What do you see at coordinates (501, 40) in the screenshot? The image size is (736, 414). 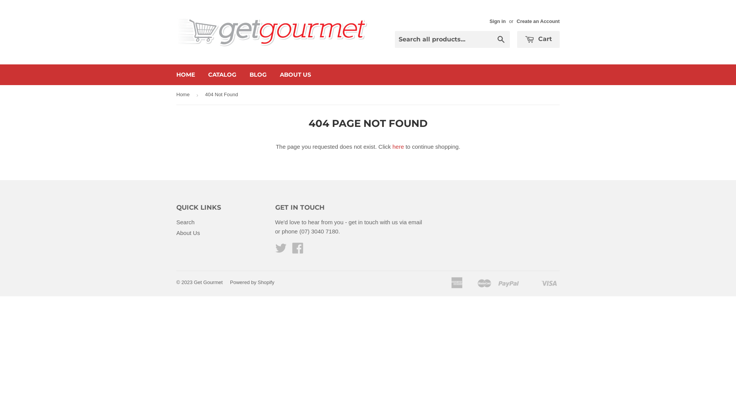 I see `'Search'` at bounding box center [501, 40].